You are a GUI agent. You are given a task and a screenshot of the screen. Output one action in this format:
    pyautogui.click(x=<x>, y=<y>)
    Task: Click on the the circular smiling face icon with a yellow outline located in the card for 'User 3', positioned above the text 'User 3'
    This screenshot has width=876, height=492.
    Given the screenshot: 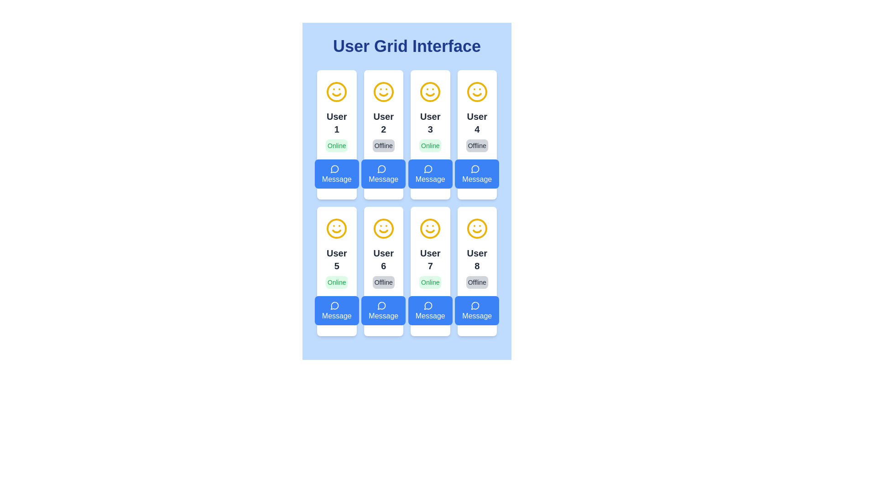 What is the action you would take?
    pyautogui.click(x=430, y=92)
    